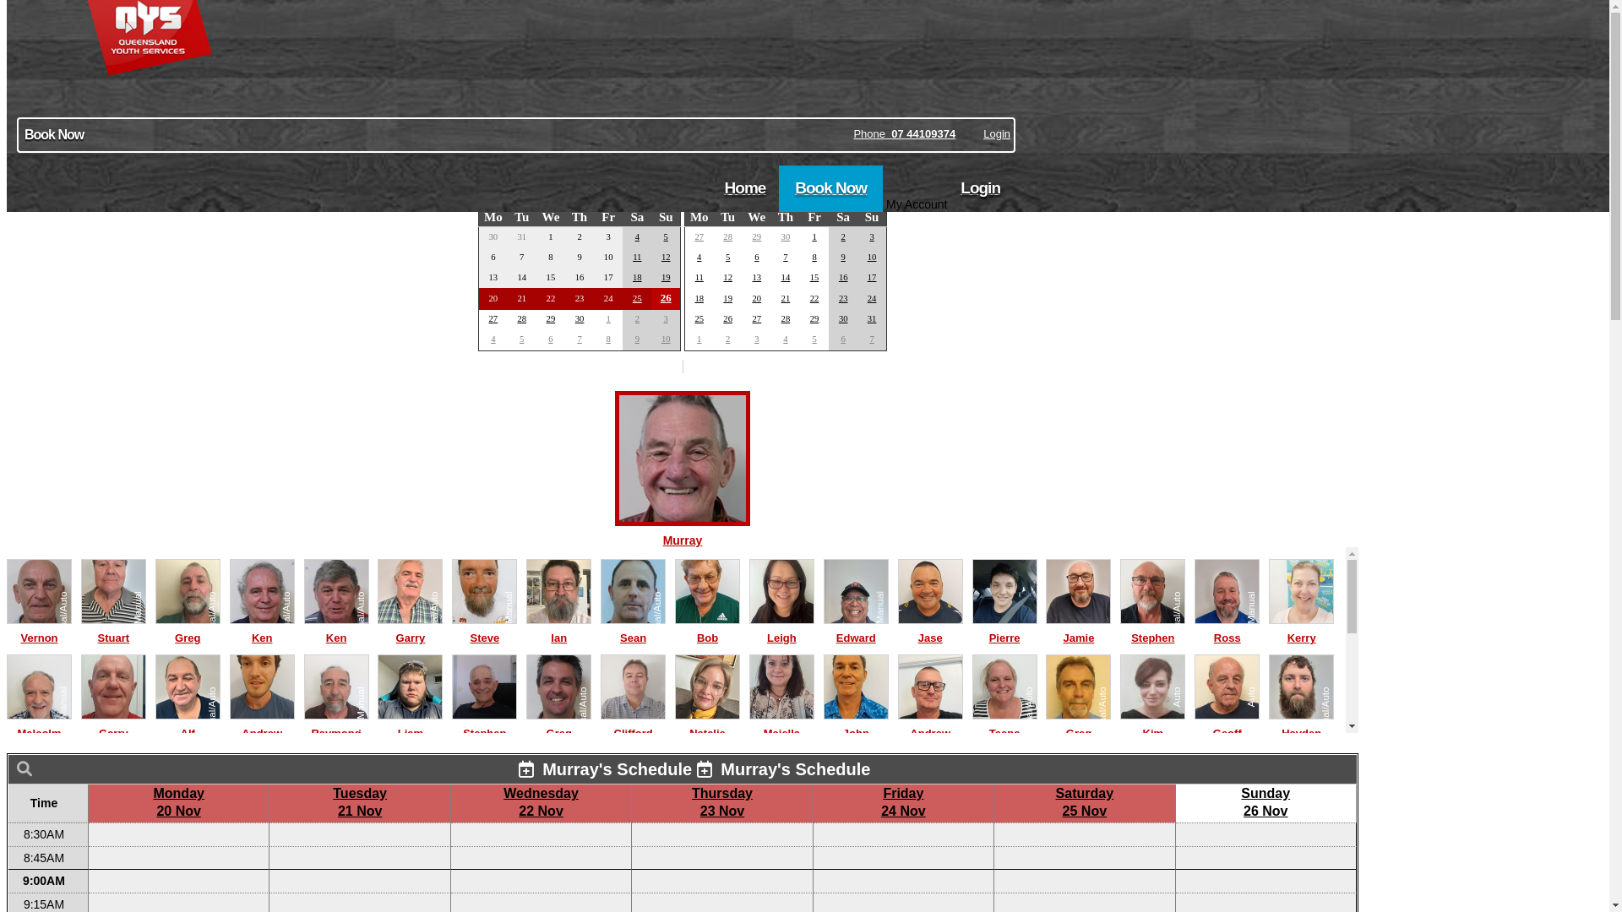 Image resolution: width=1622 pixels, height=912 pixels. What do you see at coordinates (1004, 629) in the screenshot?
I see `'Pierre'` at bounding box center [1004, 629].